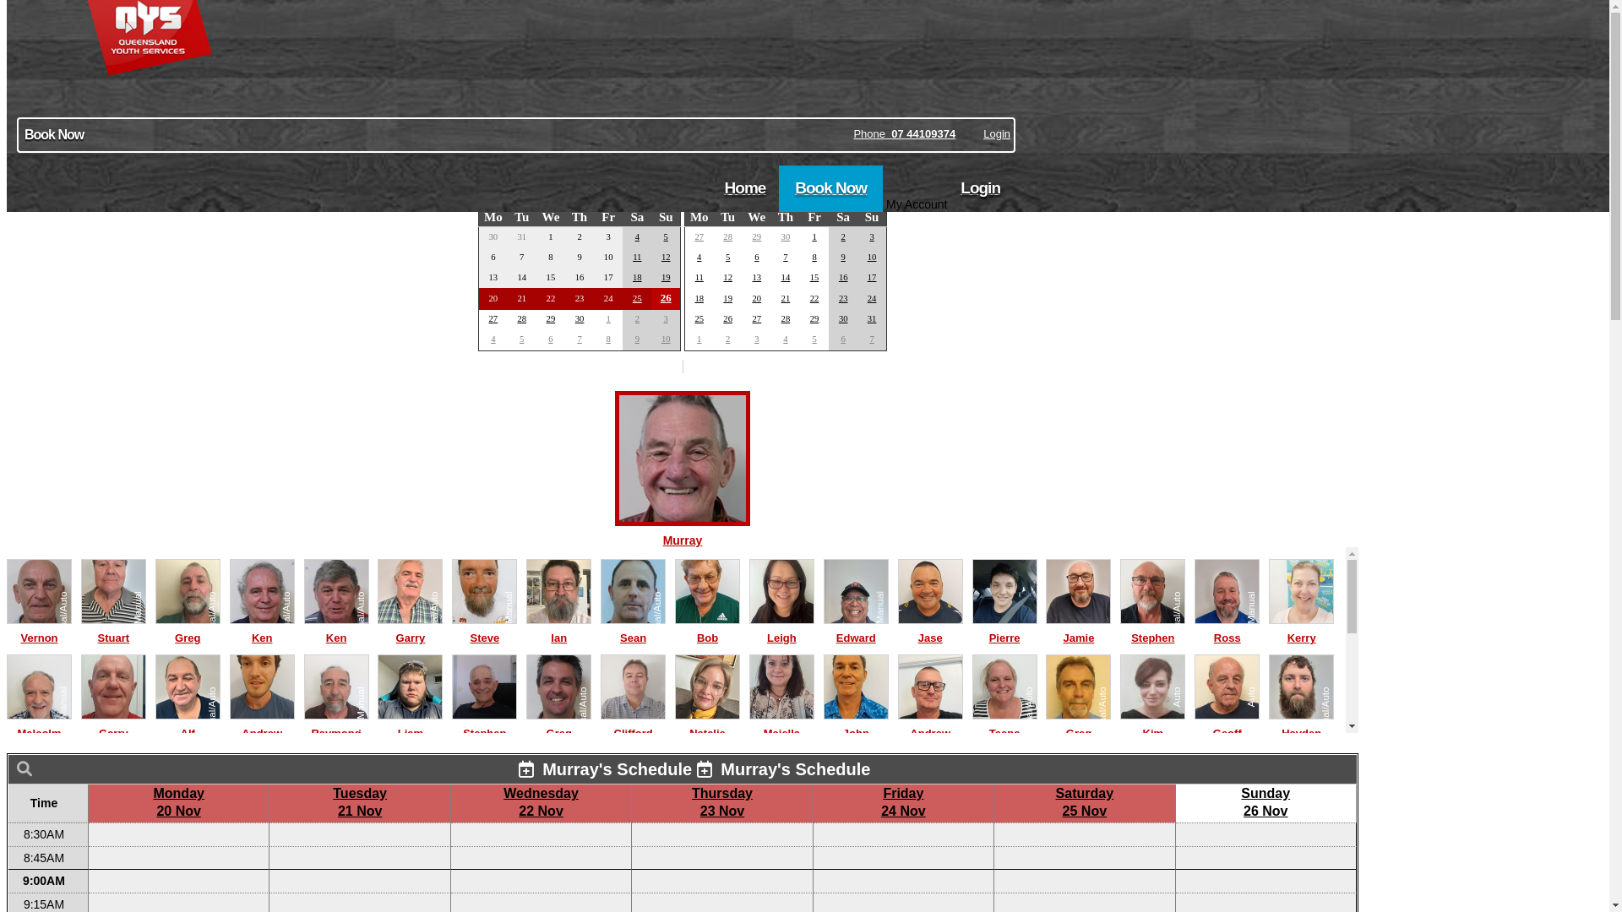 Image resolution: width=1622 pixels, height=912 pixels. What do you see at coordinates (1004, 629) in the screenshot?
I see `'Pierre'` at bounding box center [1004, 629].